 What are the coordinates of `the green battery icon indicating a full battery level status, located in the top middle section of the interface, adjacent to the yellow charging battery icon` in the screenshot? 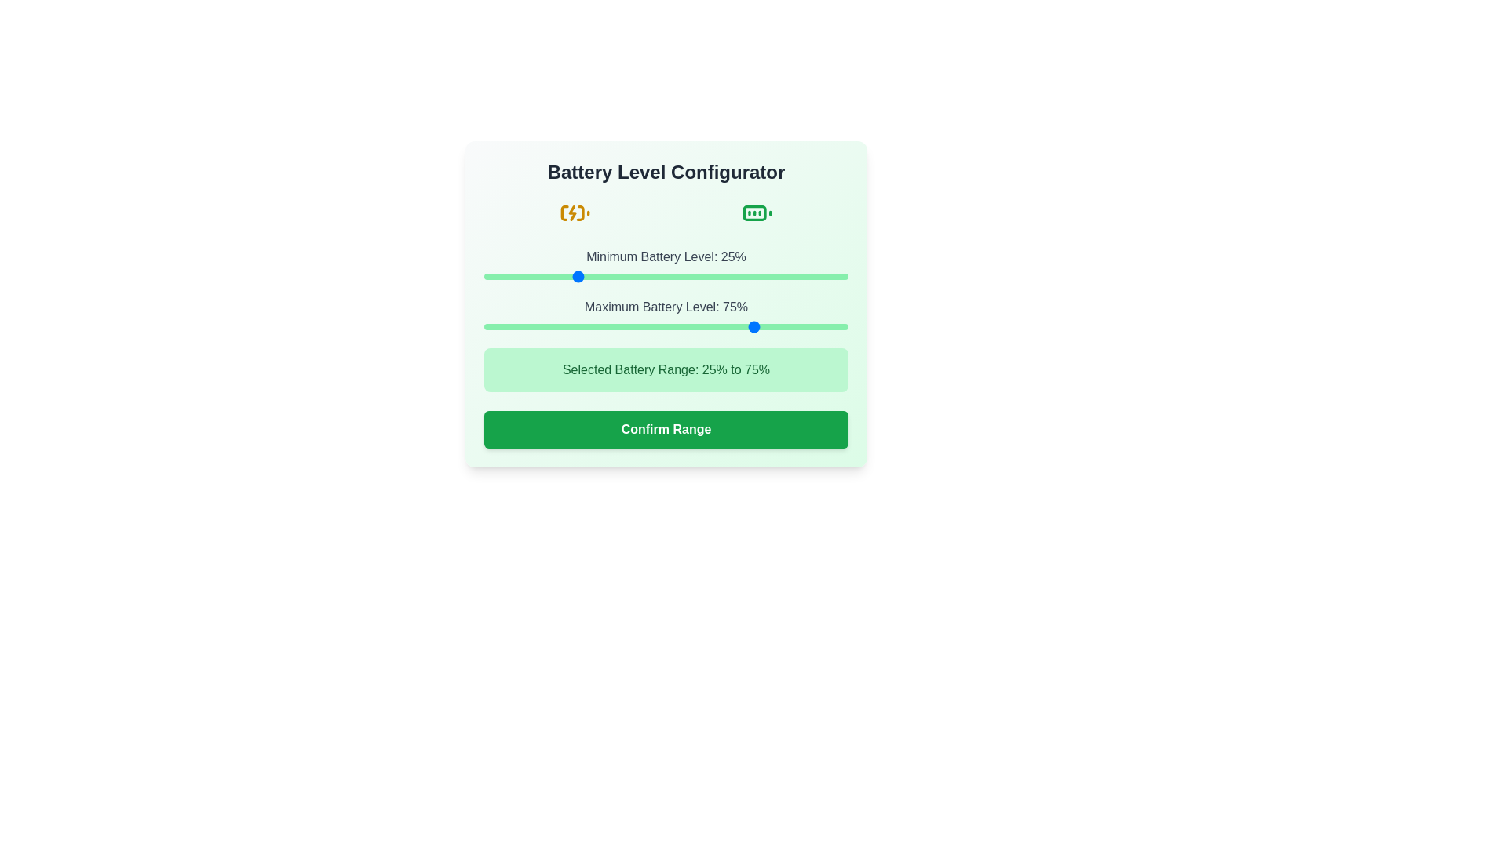 It's located at (757, 213).